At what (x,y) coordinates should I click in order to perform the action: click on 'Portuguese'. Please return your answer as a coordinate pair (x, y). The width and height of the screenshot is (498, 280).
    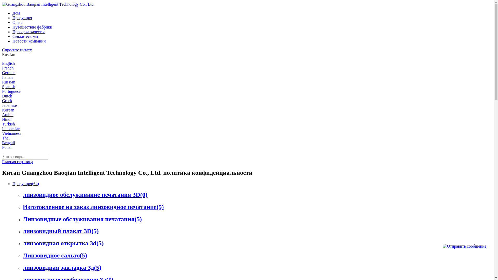
    Looking at the image, I should click on (11, 91).